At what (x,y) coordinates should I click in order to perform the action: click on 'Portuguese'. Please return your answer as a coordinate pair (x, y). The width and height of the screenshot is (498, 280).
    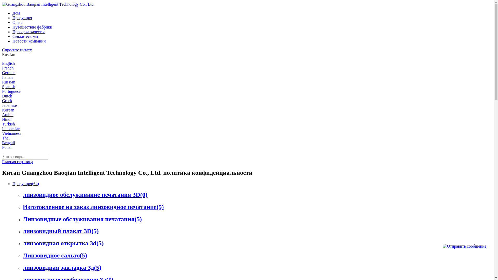
    Looking at the image, I should click on (11, 91).